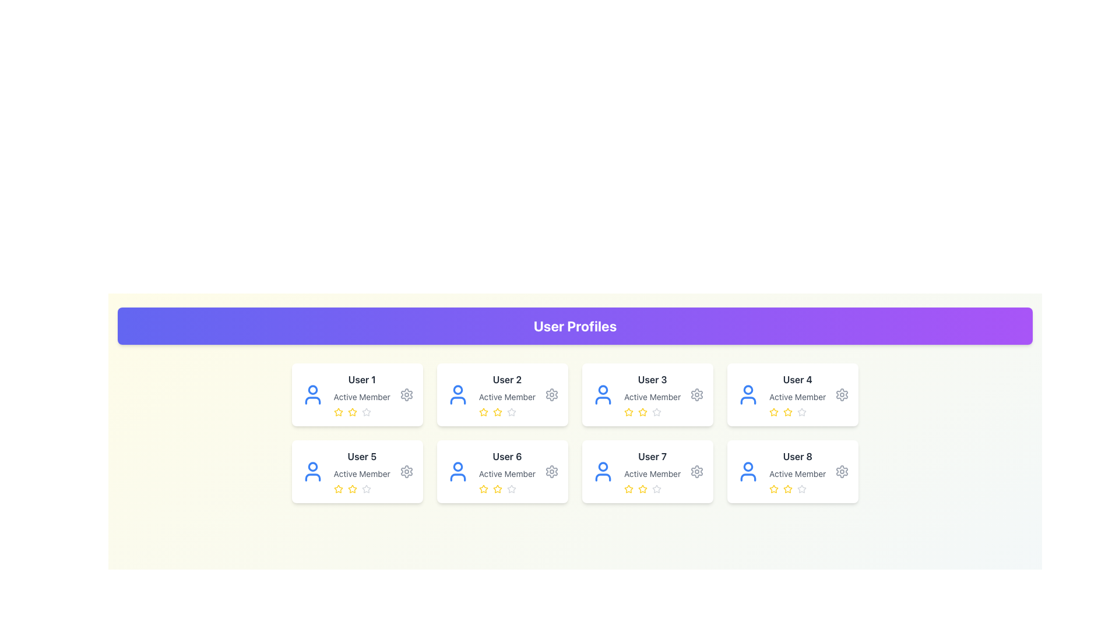  Describe the element at coordinates (697, 472) in the screenshot. I see `the gear icon located in the top-right corner of 'User 7's profile card` at that location.